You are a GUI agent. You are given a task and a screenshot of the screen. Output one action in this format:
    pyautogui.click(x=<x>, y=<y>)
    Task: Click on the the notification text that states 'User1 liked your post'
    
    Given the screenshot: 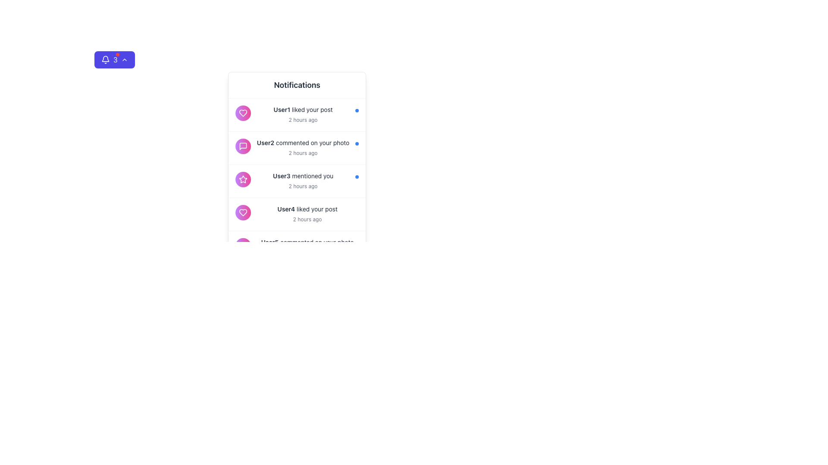 What is the action you would take?
    pyautogui.click(x=303, y=114)
    